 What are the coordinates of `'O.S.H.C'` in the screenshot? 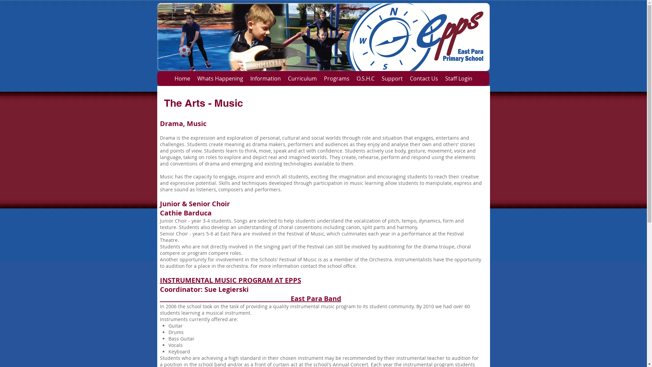 It's located at (365, 78).